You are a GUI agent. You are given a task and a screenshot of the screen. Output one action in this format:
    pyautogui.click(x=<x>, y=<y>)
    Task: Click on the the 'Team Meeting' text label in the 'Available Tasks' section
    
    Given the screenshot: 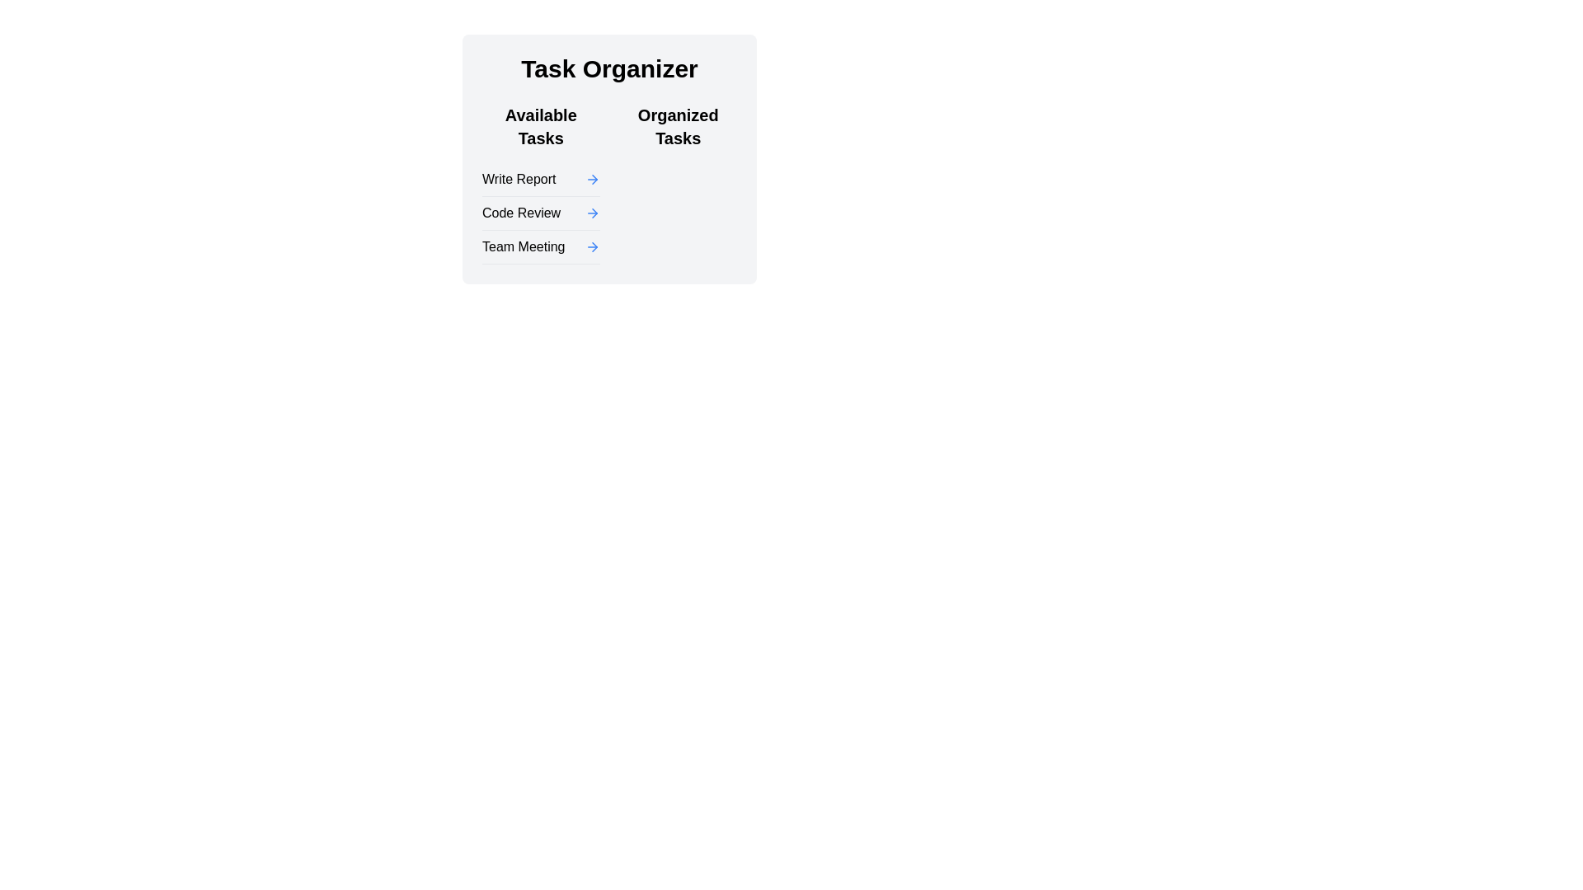 What is the action you would take?
    pyautogui.click(x=523, y=247)
    